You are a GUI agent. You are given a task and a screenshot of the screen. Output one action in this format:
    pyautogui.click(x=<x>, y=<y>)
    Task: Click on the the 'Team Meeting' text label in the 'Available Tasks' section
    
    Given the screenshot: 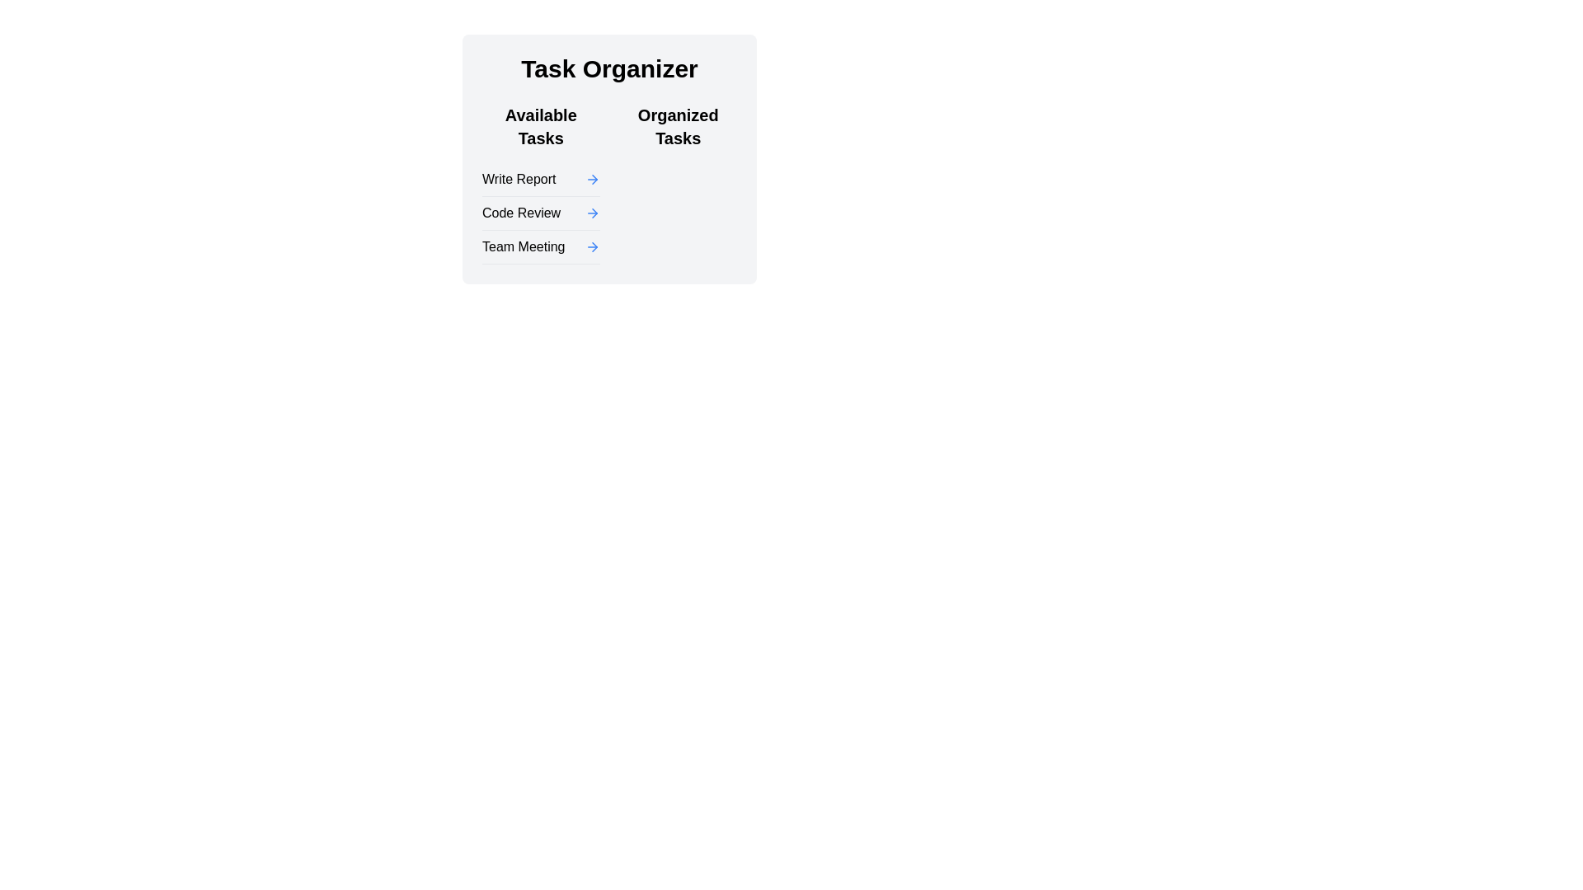 What is the action you would take?
    pyautogui.click(x=523, y=247)
    